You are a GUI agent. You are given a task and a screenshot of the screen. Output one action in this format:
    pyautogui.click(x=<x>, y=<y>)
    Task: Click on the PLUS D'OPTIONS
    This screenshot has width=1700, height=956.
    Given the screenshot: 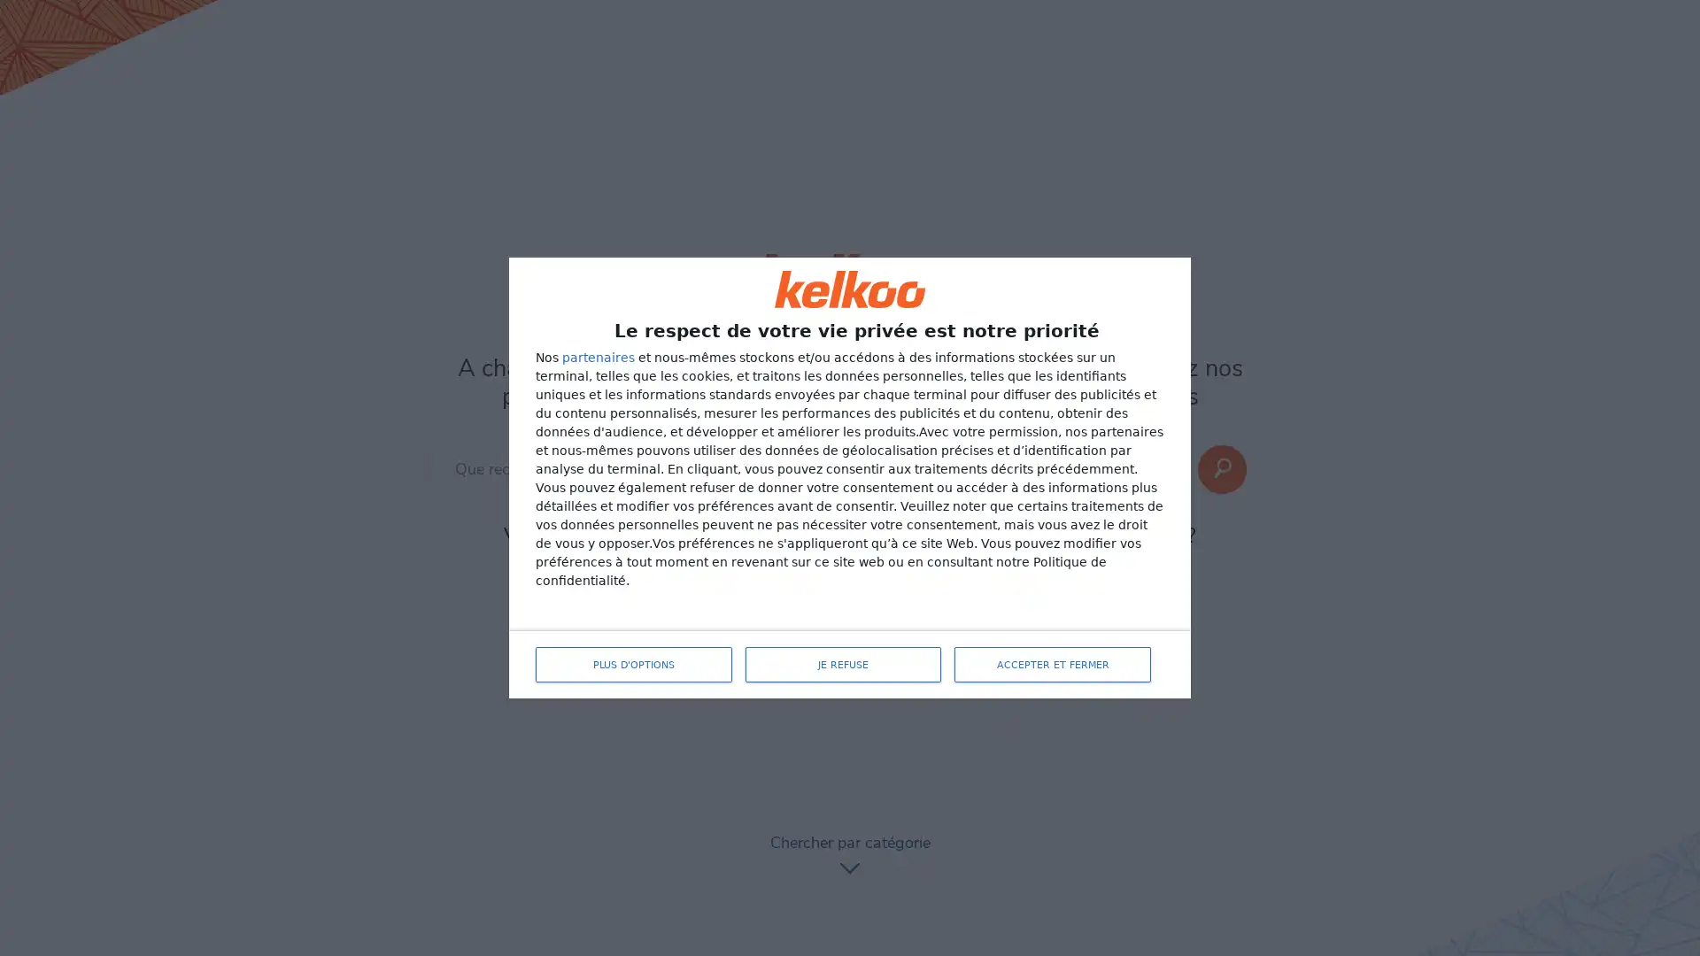 What is the action you would take?
    pyautogui.click(x=633, y=665)
    